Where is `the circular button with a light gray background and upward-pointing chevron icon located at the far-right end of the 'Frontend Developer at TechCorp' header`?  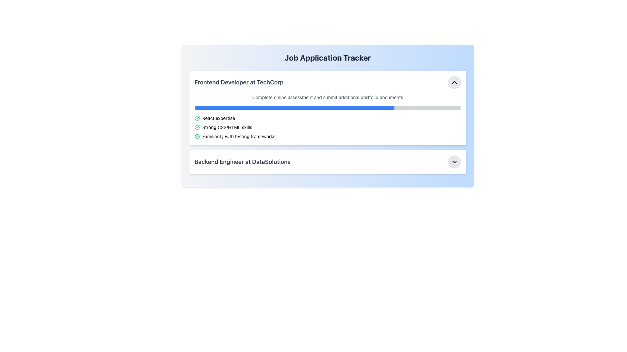 the circular button with a light gray background and upward-pointing chevron icon located at the far-right end of the 'Frontend Developer at TechCorp' header is located at coordinates (454, 82).